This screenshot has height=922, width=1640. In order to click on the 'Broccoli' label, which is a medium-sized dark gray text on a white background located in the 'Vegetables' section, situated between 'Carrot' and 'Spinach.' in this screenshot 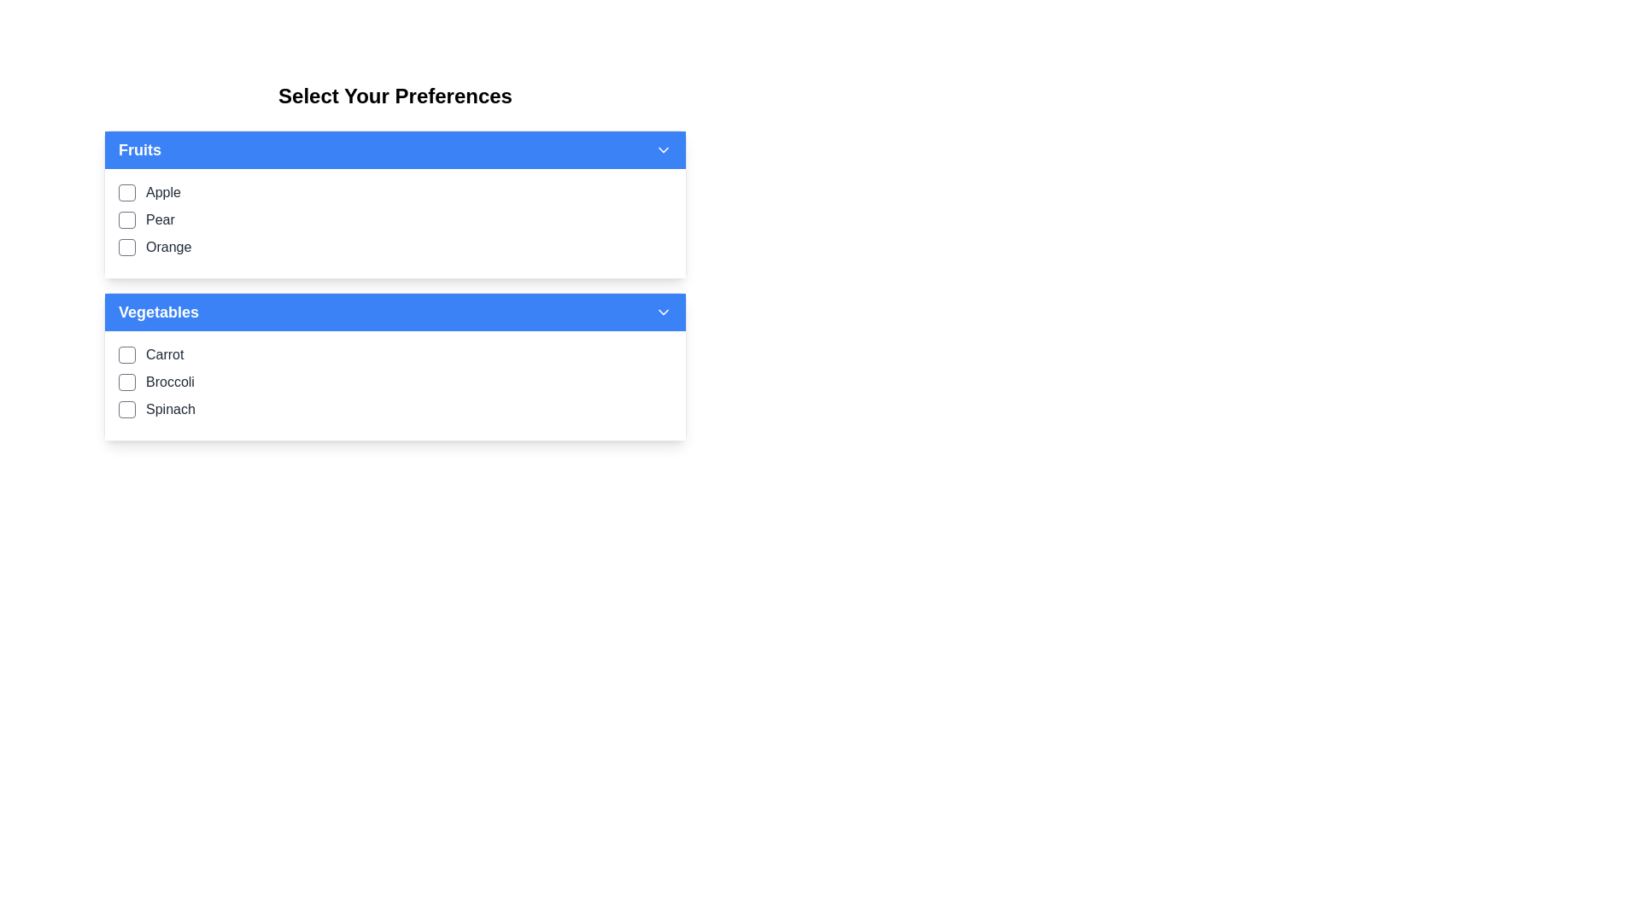, I will do `click(170, 381)`.